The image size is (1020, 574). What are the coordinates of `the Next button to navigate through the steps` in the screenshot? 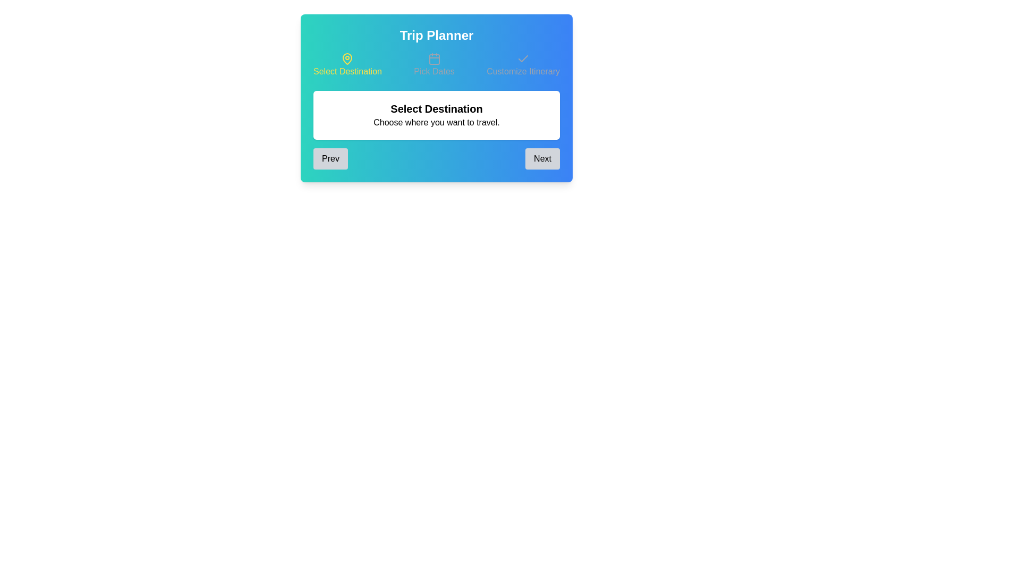 It's located at (543, 159).